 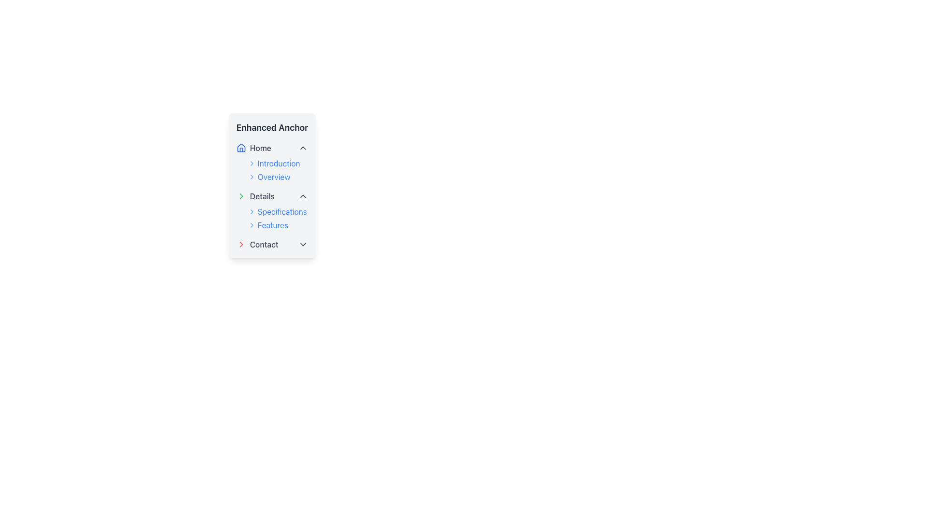 What do you see at coordinates (241, 148) in the screenshot?
I see `the 'Home' icon located at the top of the panel, which visually represents the 'Main Page' feature` at bounding box center [241, 148].